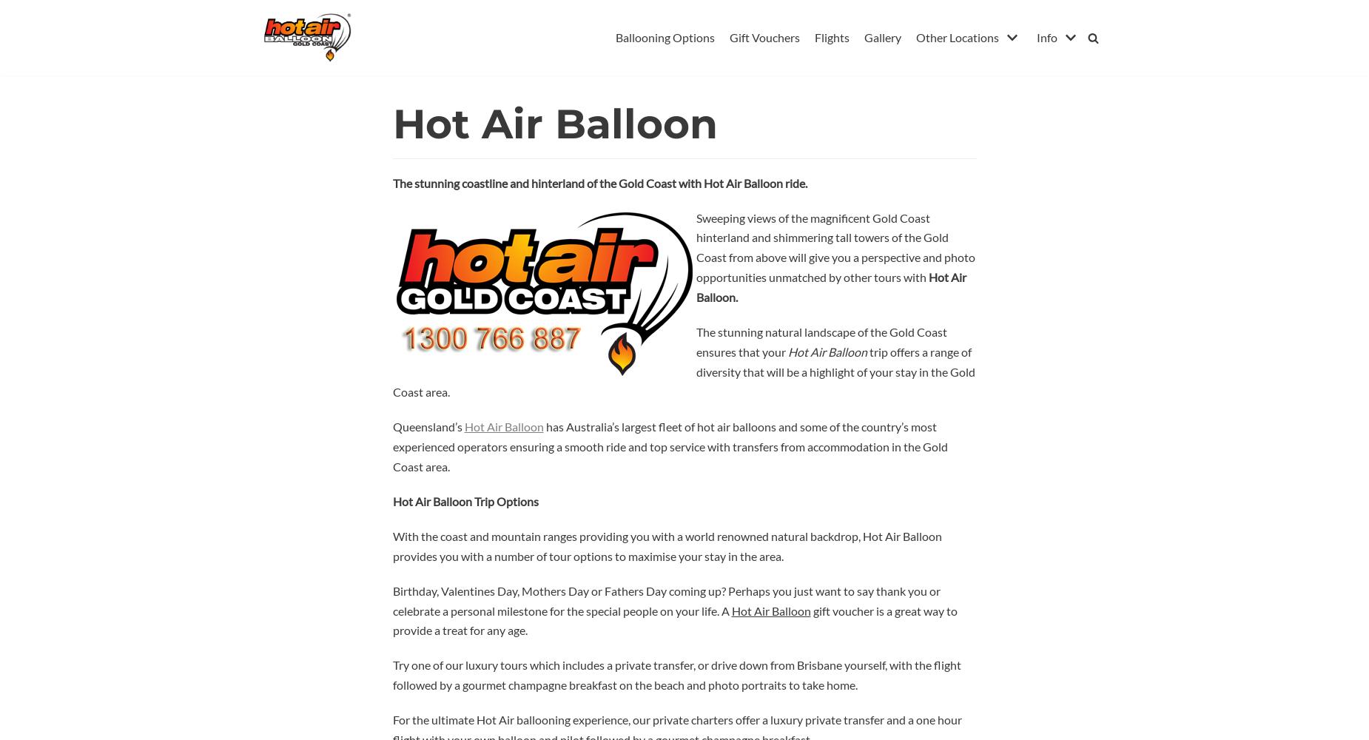  I want to click on 'Contact Us', so click(995, 98).